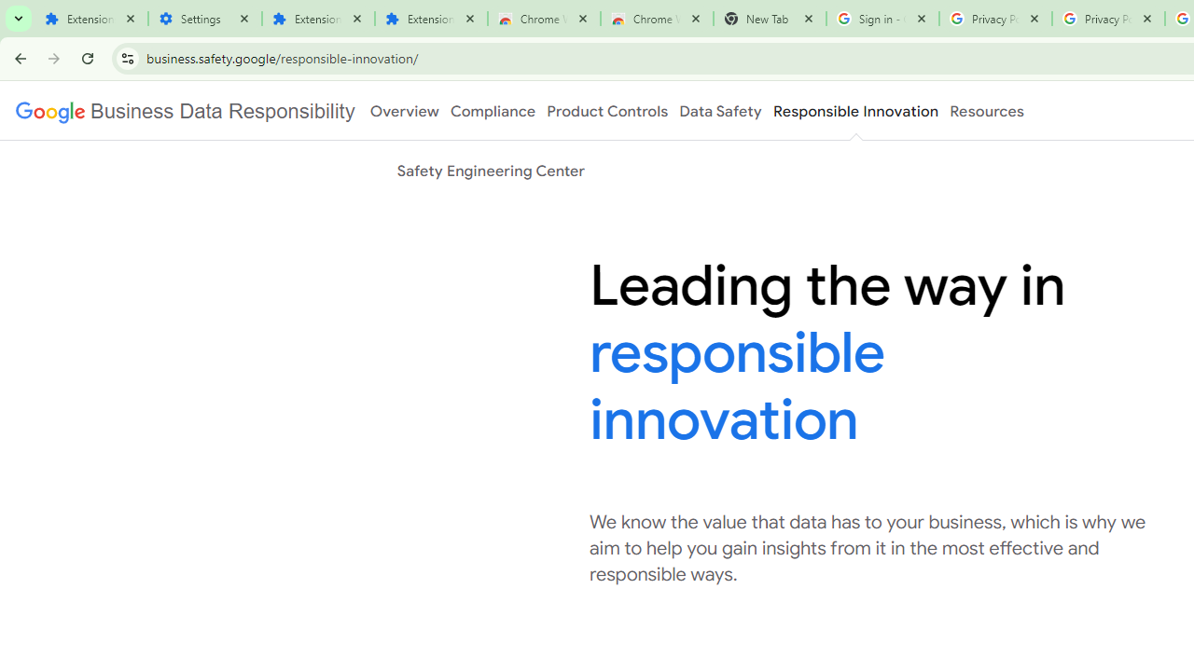  What do you see at coordinates (770, 19) in the screenshot?
I see `'New Tab'` at bounding box center [770, 19].